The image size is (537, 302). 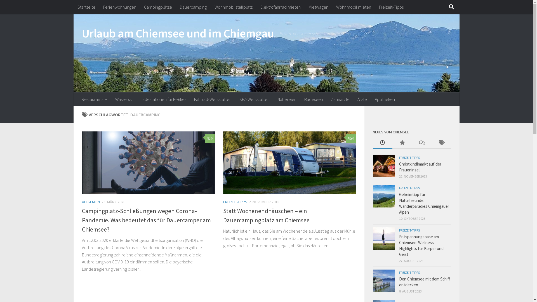 What do you see at coordinates (210, 7) in the screenshot?
I see `'Wohnmobilstellplatz'` at bounding box center [210, 7].